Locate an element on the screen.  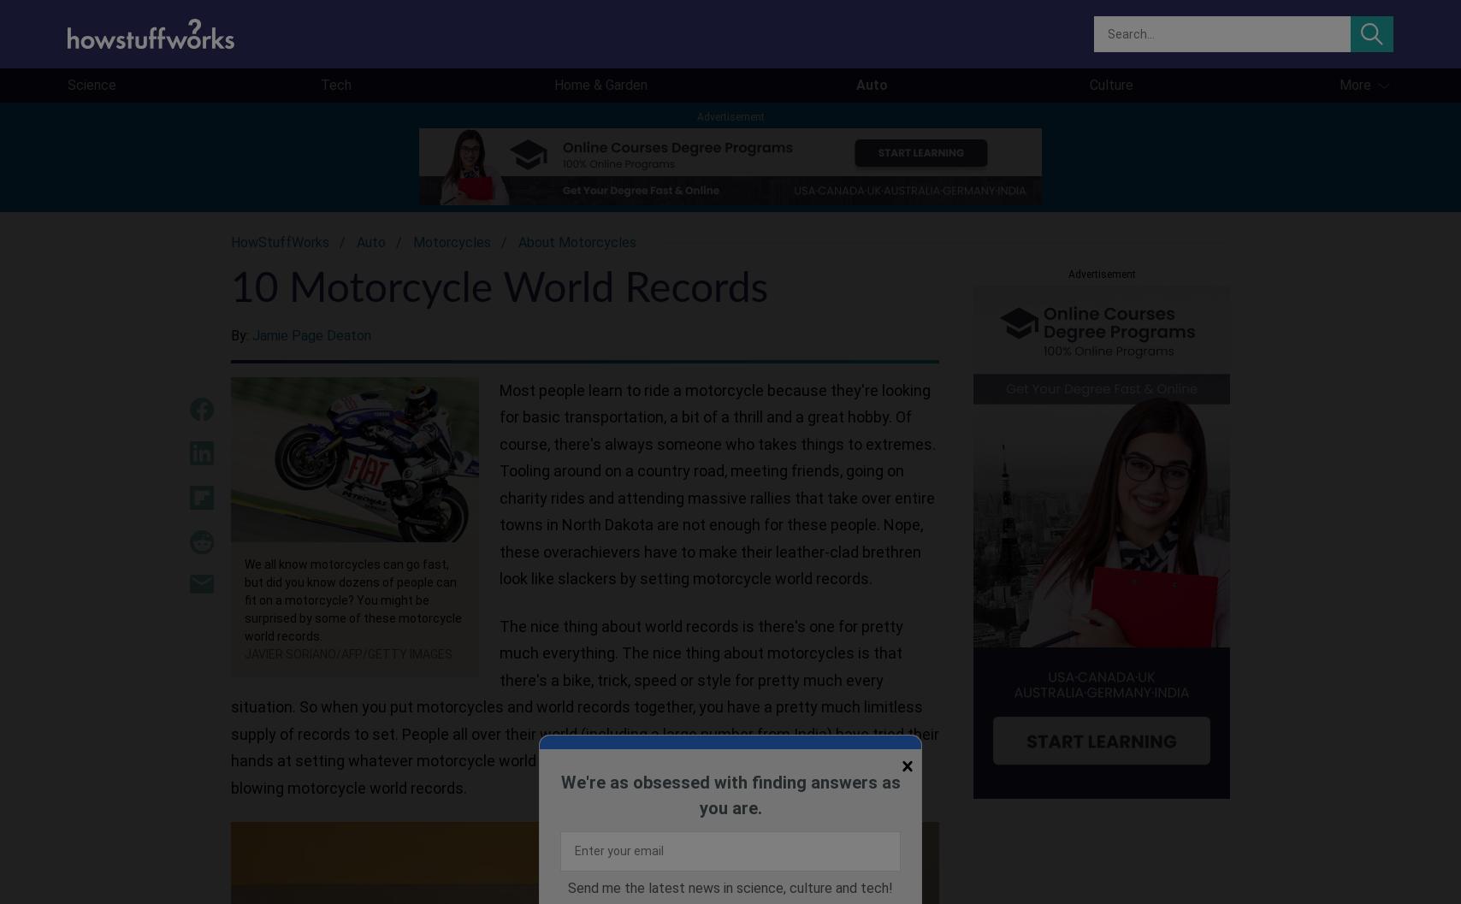
'JAVIER SORIANO/AFP/Getty Images' is located at coordinates (244, 653).